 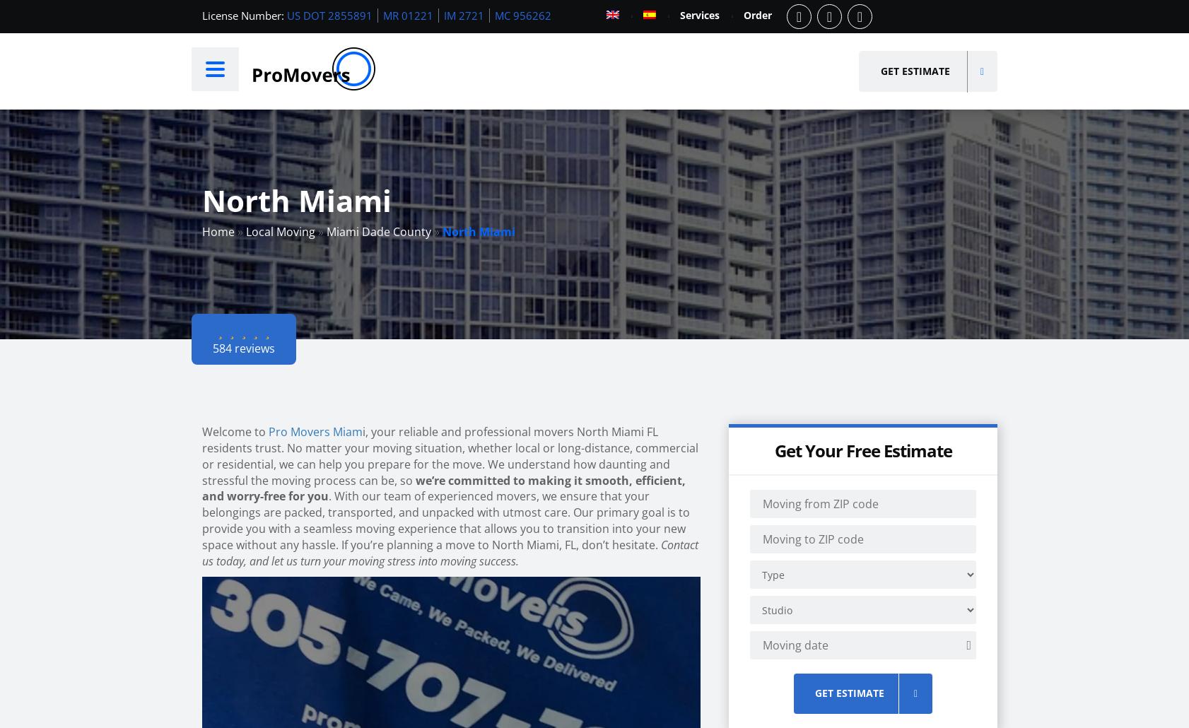 I want to click on 'Contact us today, and let us turn your moving stress into moving success.', so click(x=450, y=551).